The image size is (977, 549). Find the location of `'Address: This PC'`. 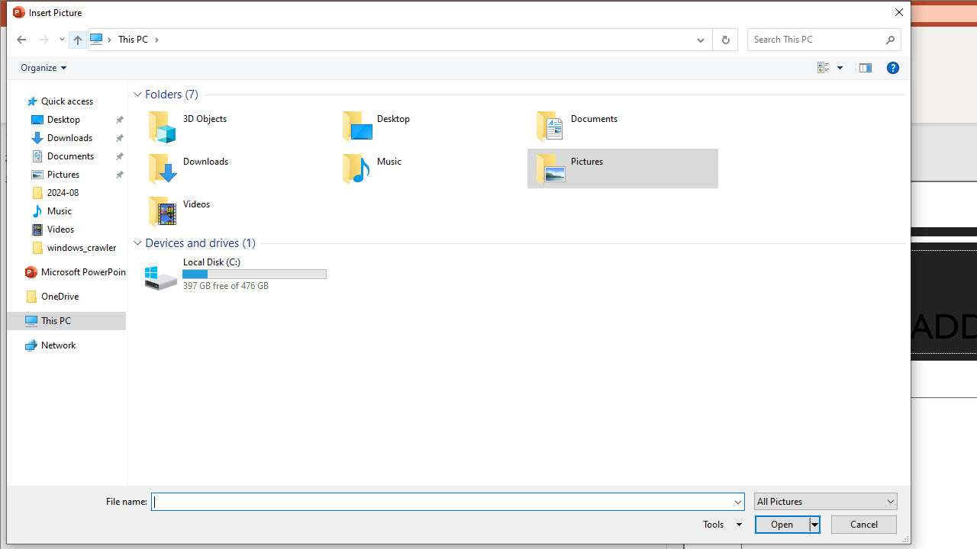

'Address: This PC' is located at coordinates (388, 38).